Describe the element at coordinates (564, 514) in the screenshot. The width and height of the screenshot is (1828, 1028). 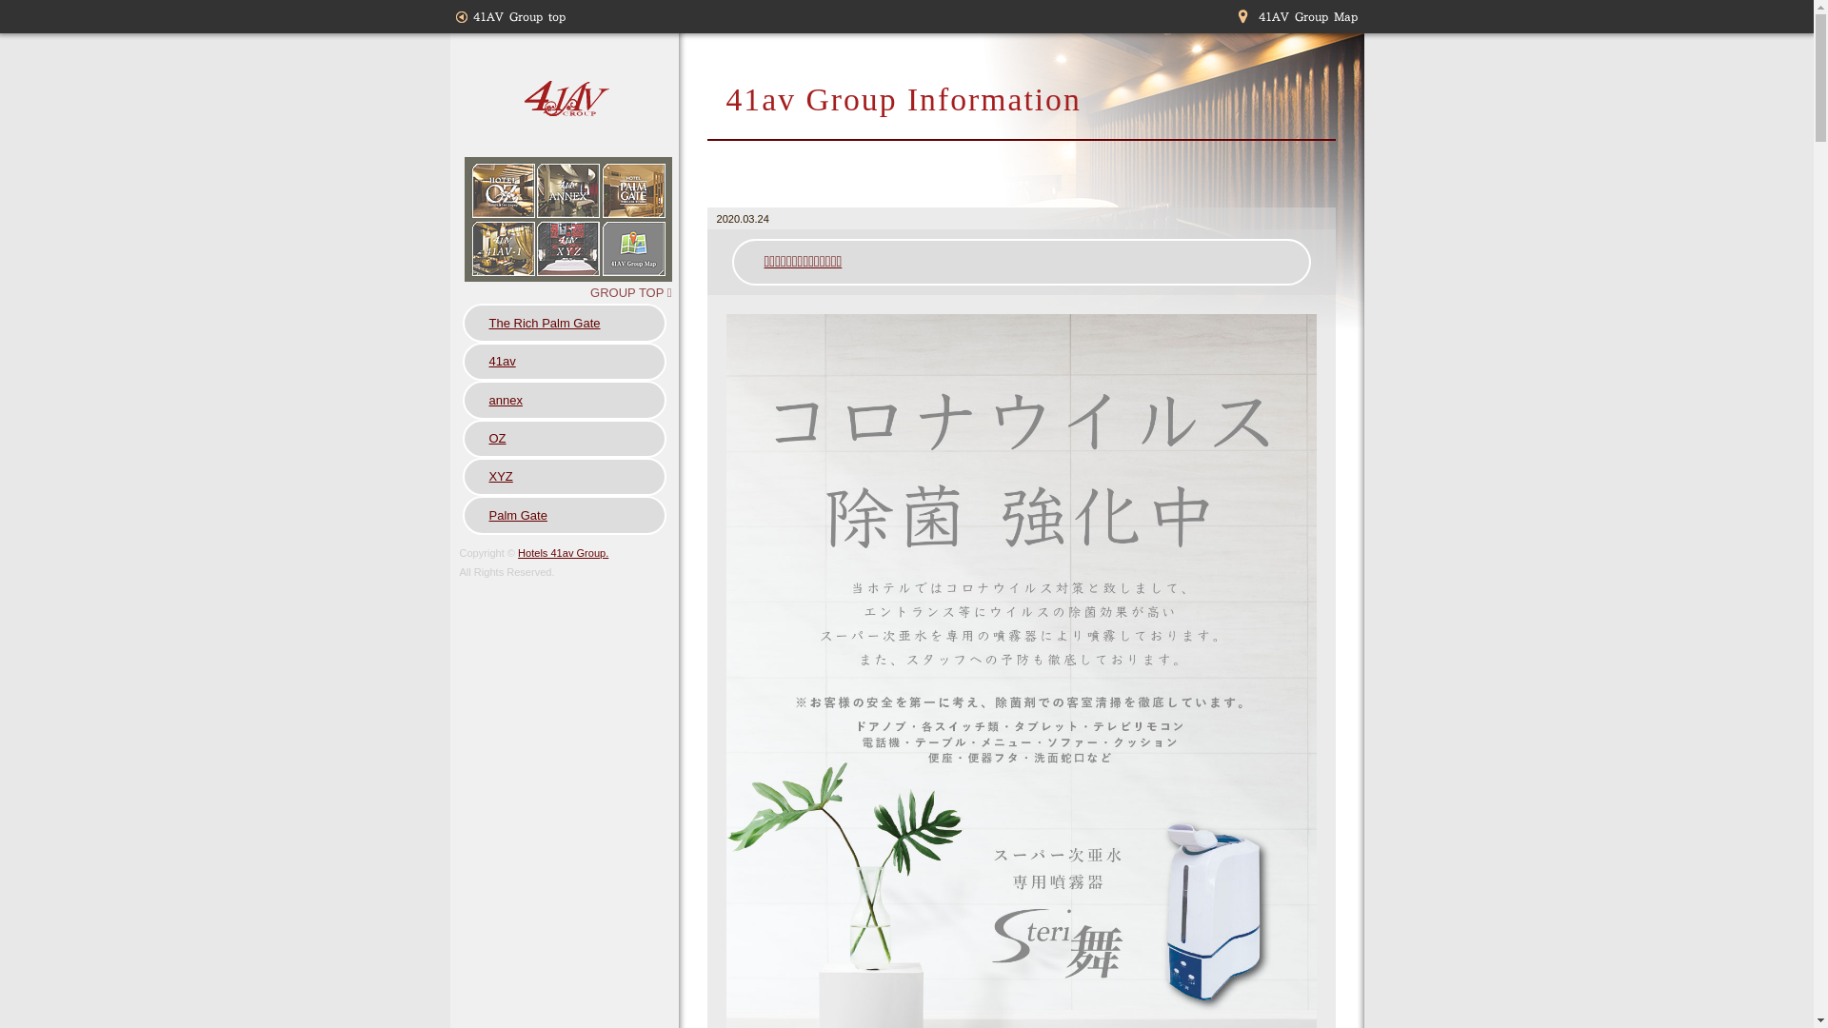
I see `'Palm Gate'` at that location.